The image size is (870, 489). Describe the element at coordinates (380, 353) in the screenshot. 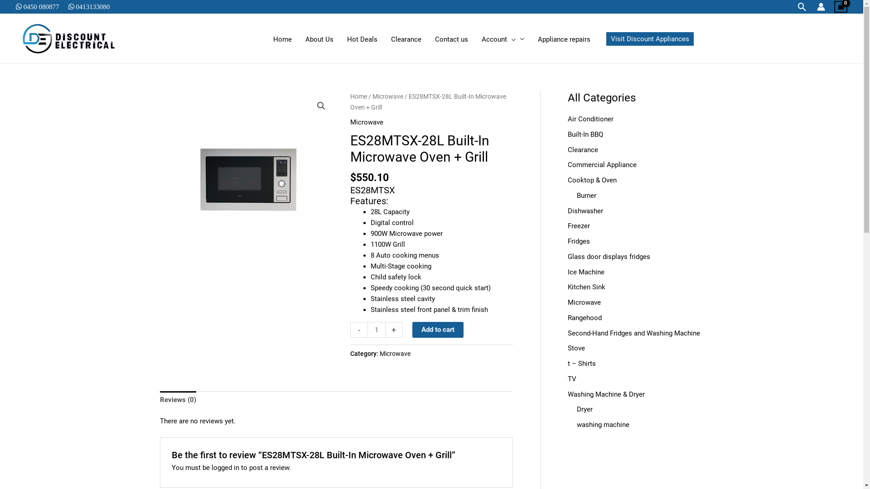

I see `'Microwave'` at that location.